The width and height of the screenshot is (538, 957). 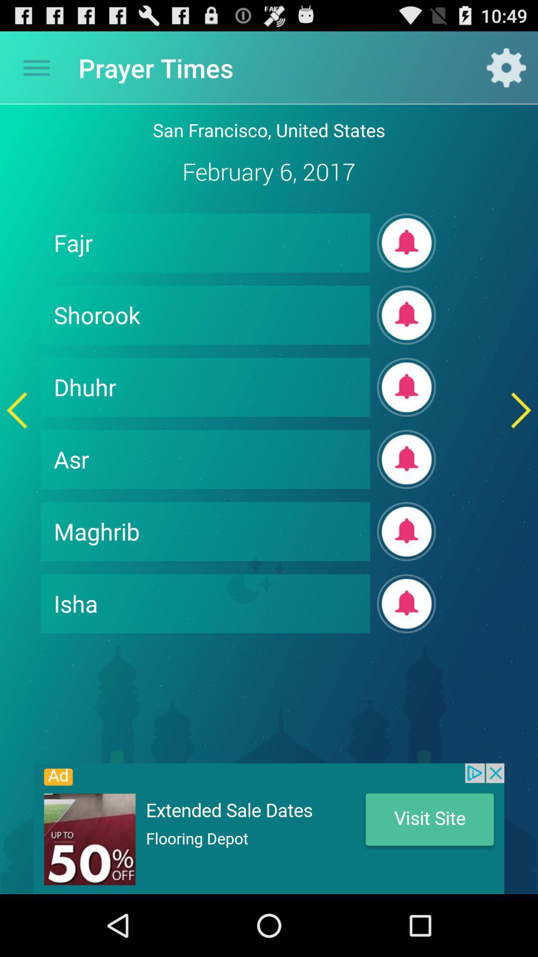 What do you see at coordinates (406, 243) in the screenshot?
I see `get notification` at bounding box center [406, 243].